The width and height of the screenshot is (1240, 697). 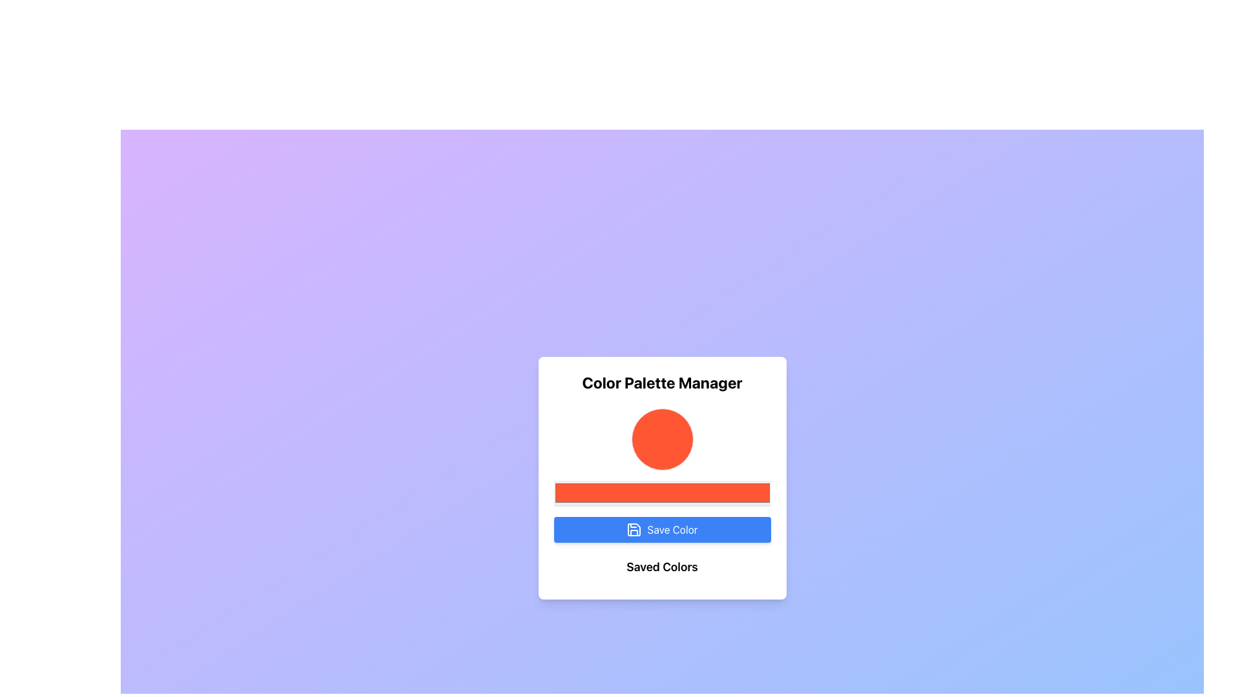 I want to click on the Color Picker Display Bar, which is a vivid orange rectangular bar with slightly rounded edges, located below the circular orange object in the 'Color Palette Manager' card, so click(x=662, y=478).